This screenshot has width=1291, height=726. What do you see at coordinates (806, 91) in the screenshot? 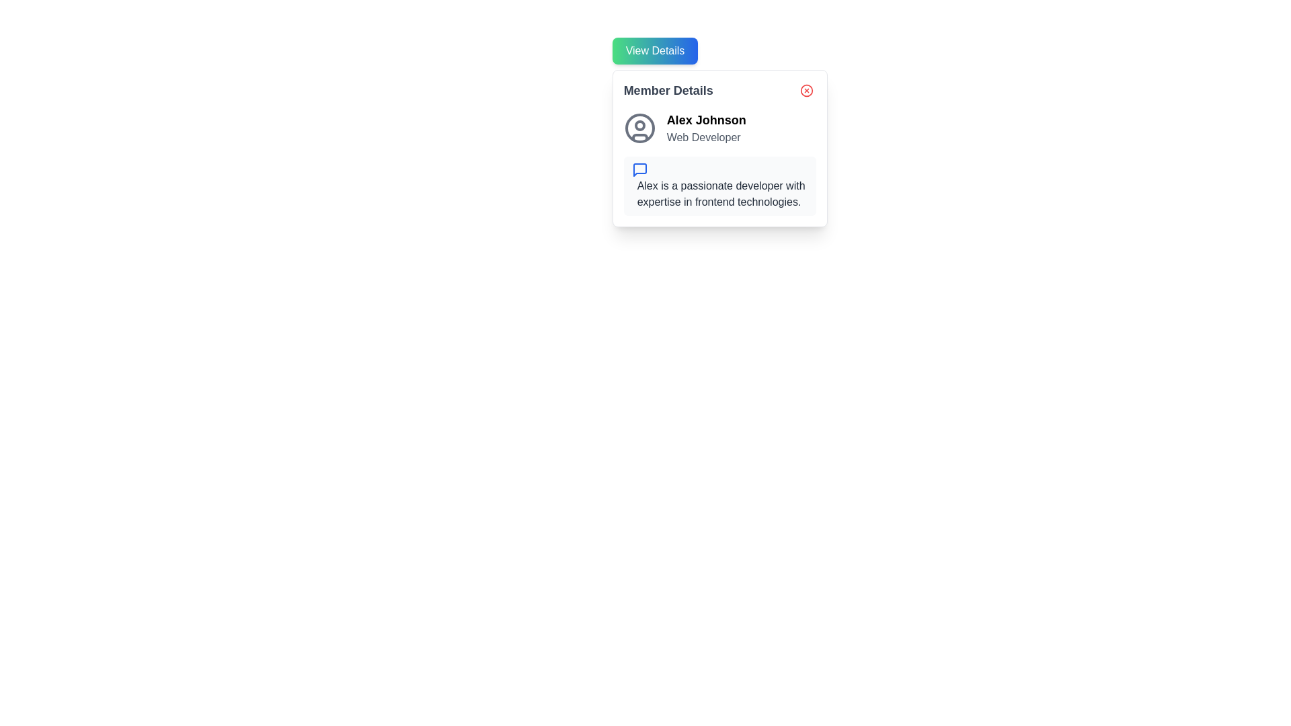
I see `the graphical decorative 'X' icon located at the upper-right corner of the 'Member Details' card, which visually indicates a close or dismiss action` at bounding box center [806, 91].